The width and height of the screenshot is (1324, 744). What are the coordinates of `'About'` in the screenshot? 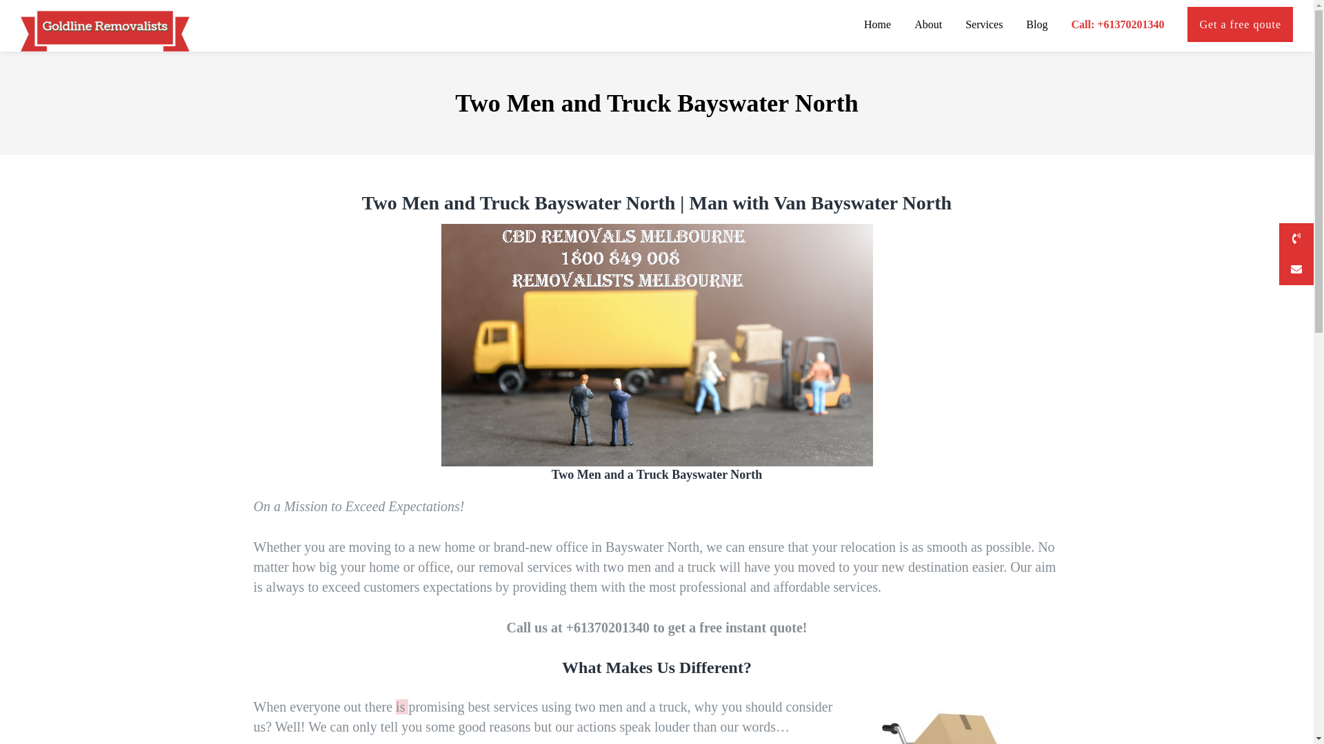 It's located at (906, 25).